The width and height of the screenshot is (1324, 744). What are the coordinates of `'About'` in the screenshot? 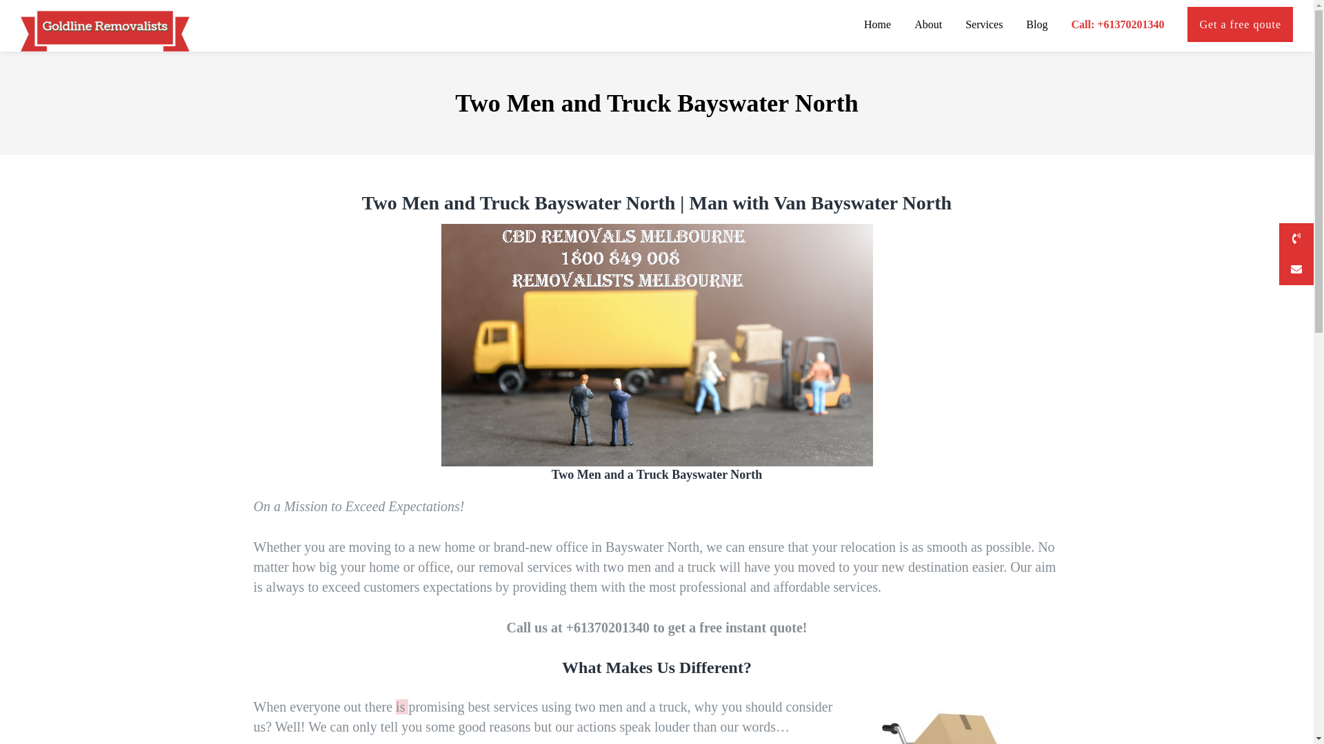 It's located at (906, 25).